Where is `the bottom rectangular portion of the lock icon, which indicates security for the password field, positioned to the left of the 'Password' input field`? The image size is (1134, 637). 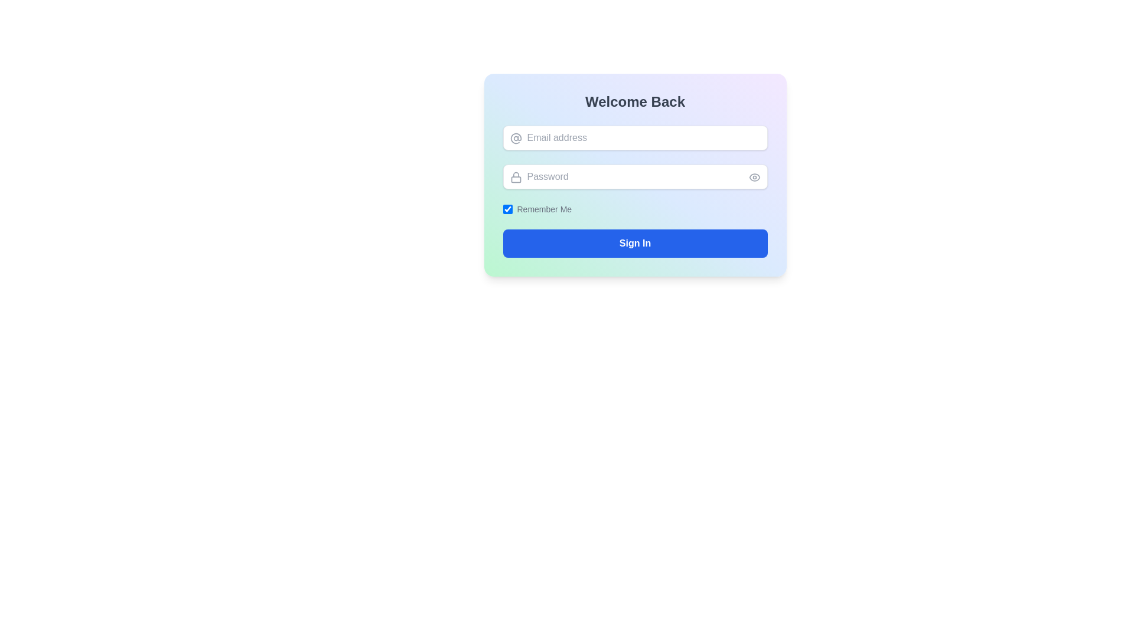
the bottom rectangular portion of the lock icon, which indicates security for the password field, positioned to the left of the 'Password' input field is located at coordinates (516, 179).